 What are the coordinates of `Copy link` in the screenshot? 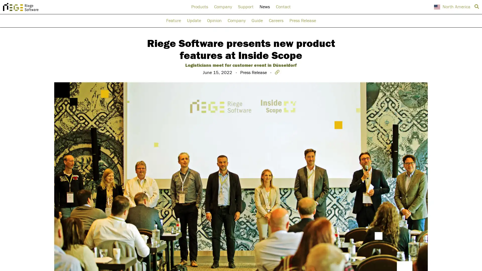 It's located at (277, 73).